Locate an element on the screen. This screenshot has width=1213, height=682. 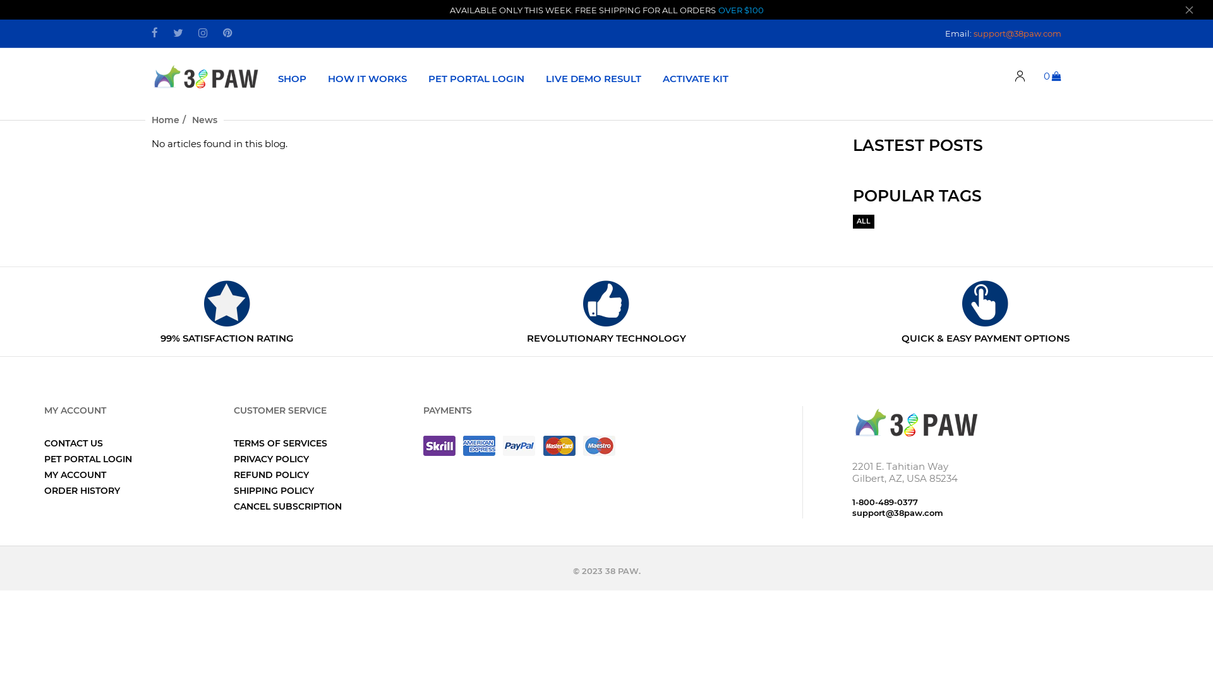
'CANCEL SUBSCRIPTION' is located at coordinates (287, 506).